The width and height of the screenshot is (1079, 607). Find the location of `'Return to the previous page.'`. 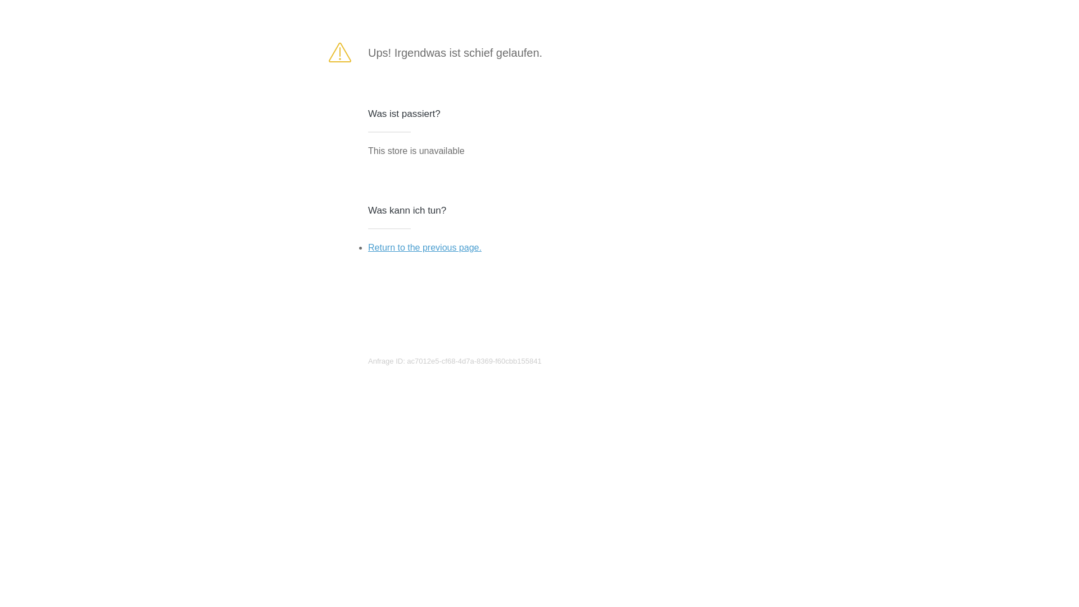

'Return to the previous page.' is located at coordinates (424, 247).